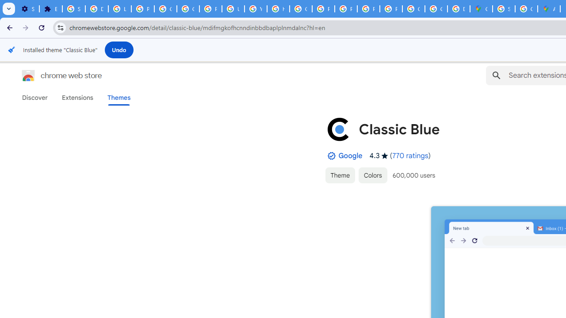  What do you see at coordinates (526, 9) in the screenshot?
I see `'Create your Google Account'` at bounding box center [526, 9].